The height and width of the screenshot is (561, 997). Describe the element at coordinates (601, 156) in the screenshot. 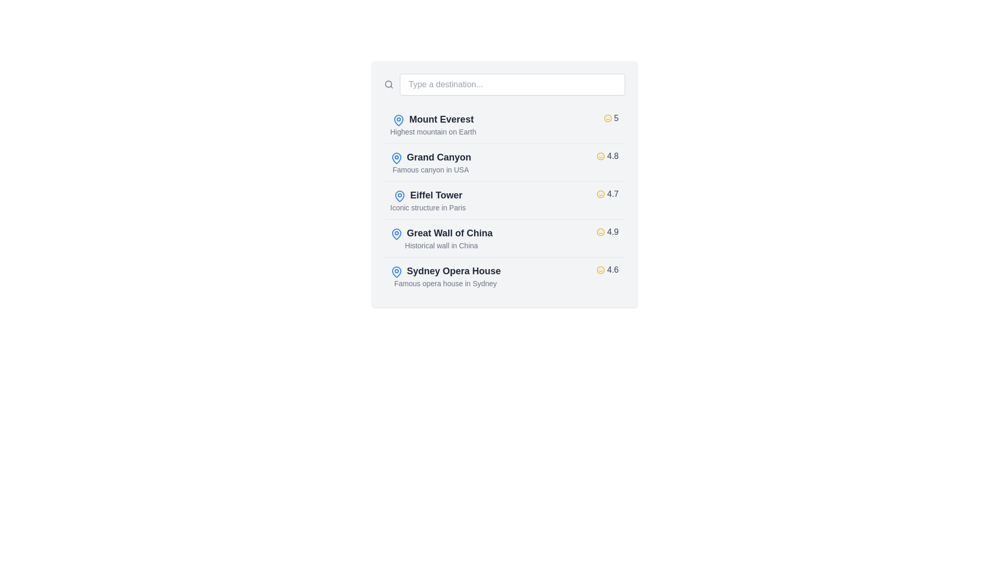

I see `the circular yellow smiling face icon next to the numerical rating 4.8 in the second row associated with the 'Grand Canyon' list item` at that location.